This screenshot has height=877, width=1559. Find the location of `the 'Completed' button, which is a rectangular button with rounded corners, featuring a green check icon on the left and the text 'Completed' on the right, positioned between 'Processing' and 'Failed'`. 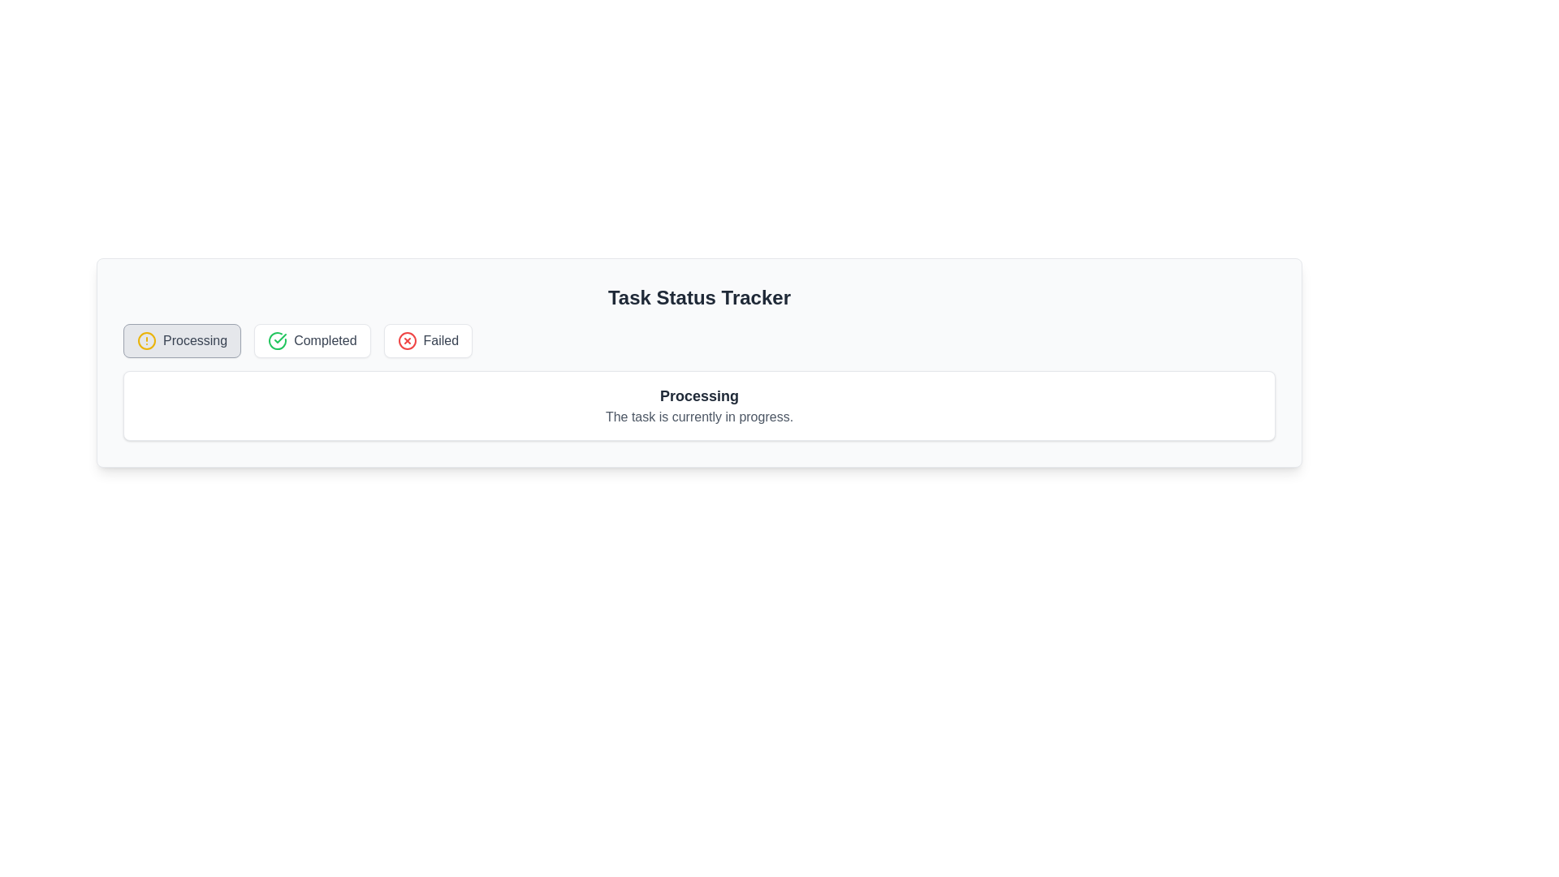

the 'Completed' button, which is a rectangular button with rounded corners, featuring a green check icon on the left and the text 'Completed' on the right, positioned between 'Processing' and 'Failed' is located at coordinates (312, 340).